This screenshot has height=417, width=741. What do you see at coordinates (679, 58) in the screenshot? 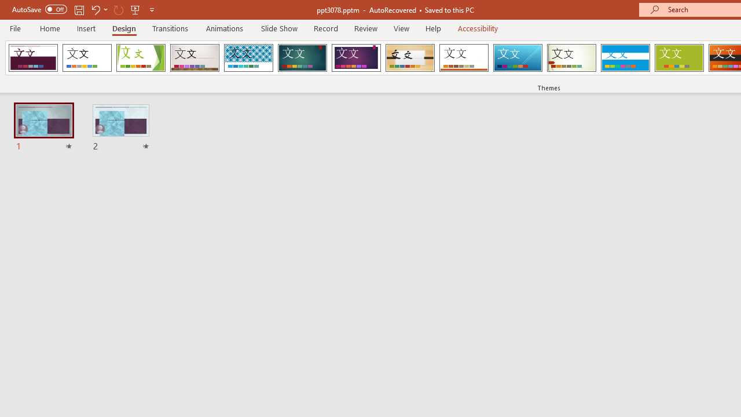
I see `'Basis'` at bounding box center [679, 58].